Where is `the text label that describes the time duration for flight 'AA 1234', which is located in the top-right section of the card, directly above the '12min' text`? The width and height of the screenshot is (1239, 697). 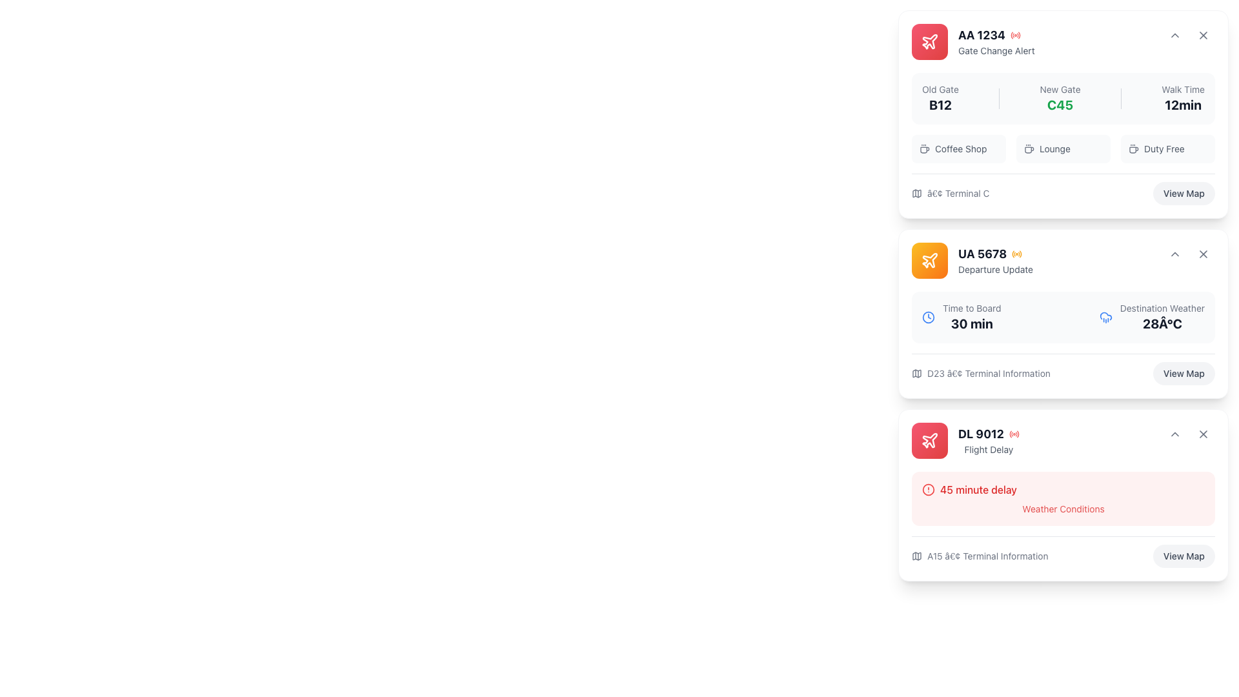 the text label that describes the time duration for flight 'AA 1234', which is located in the top-right section of the card, directly above the '12min' text is located at coordinates (1183, 88).